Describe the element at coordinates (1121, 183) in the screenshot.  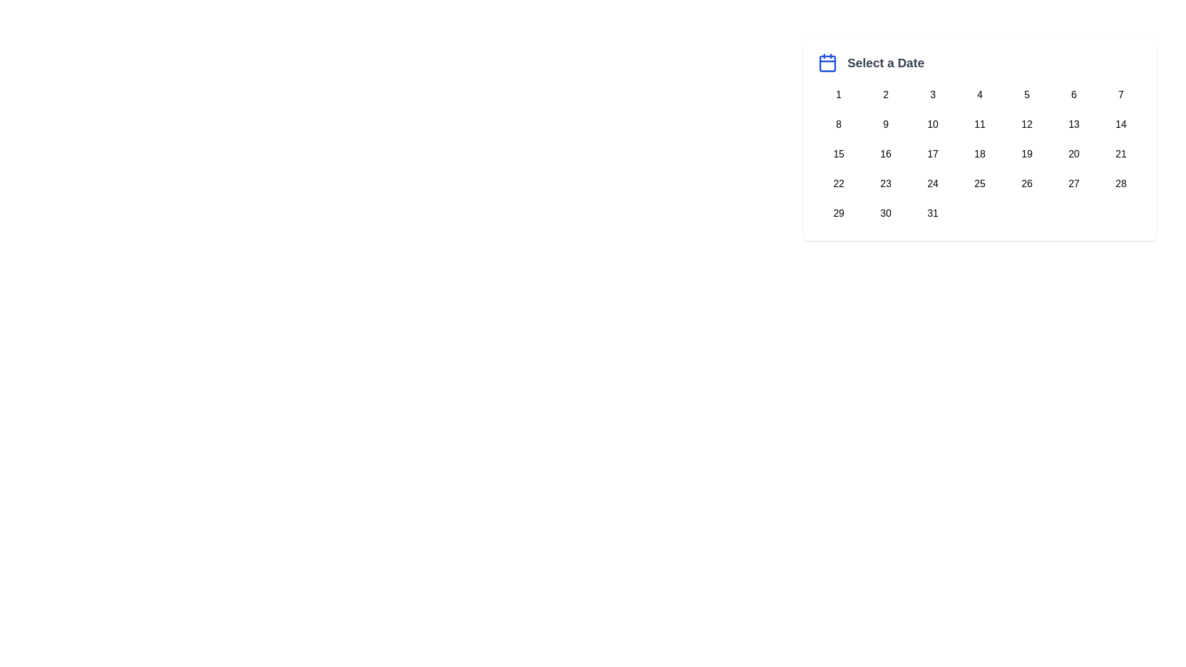
I see `the button labeled '28' which is a small rectangular button with rounded corners located in the bottom-right corner of the grid layout` at that location.